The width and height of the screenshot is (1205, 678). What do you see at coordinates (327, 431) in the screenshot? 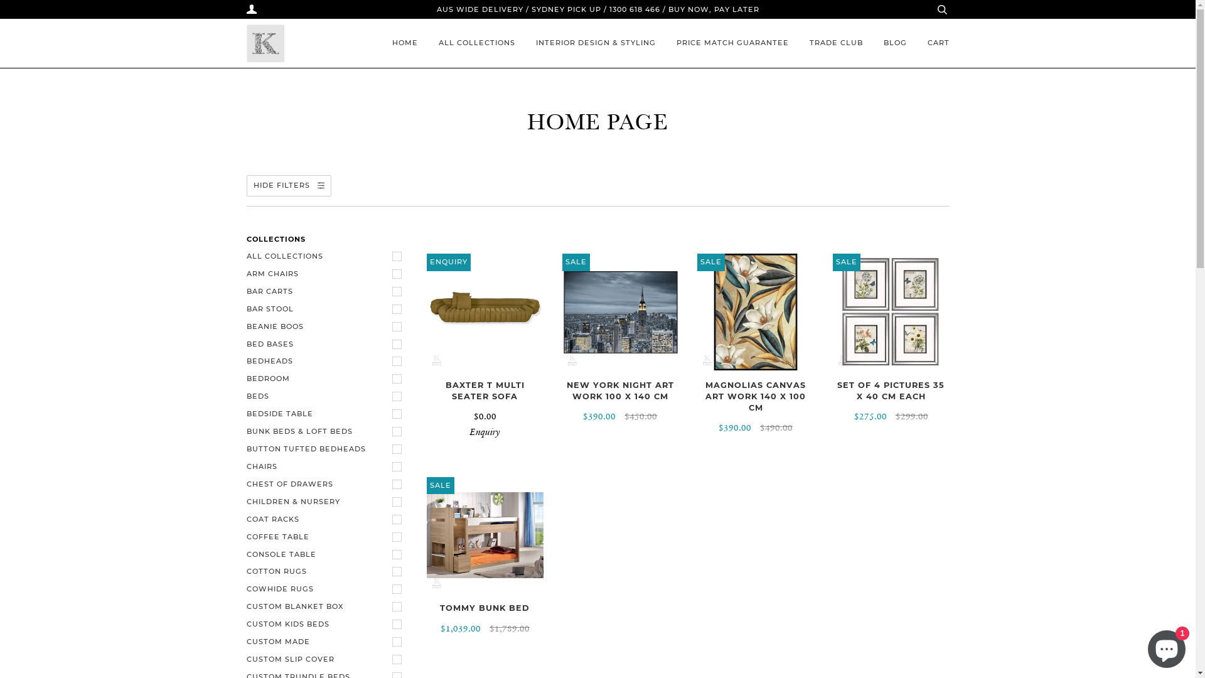
I see `'BUNK BEDS & LOFT BEDS'` at bounding box center [327, 431].